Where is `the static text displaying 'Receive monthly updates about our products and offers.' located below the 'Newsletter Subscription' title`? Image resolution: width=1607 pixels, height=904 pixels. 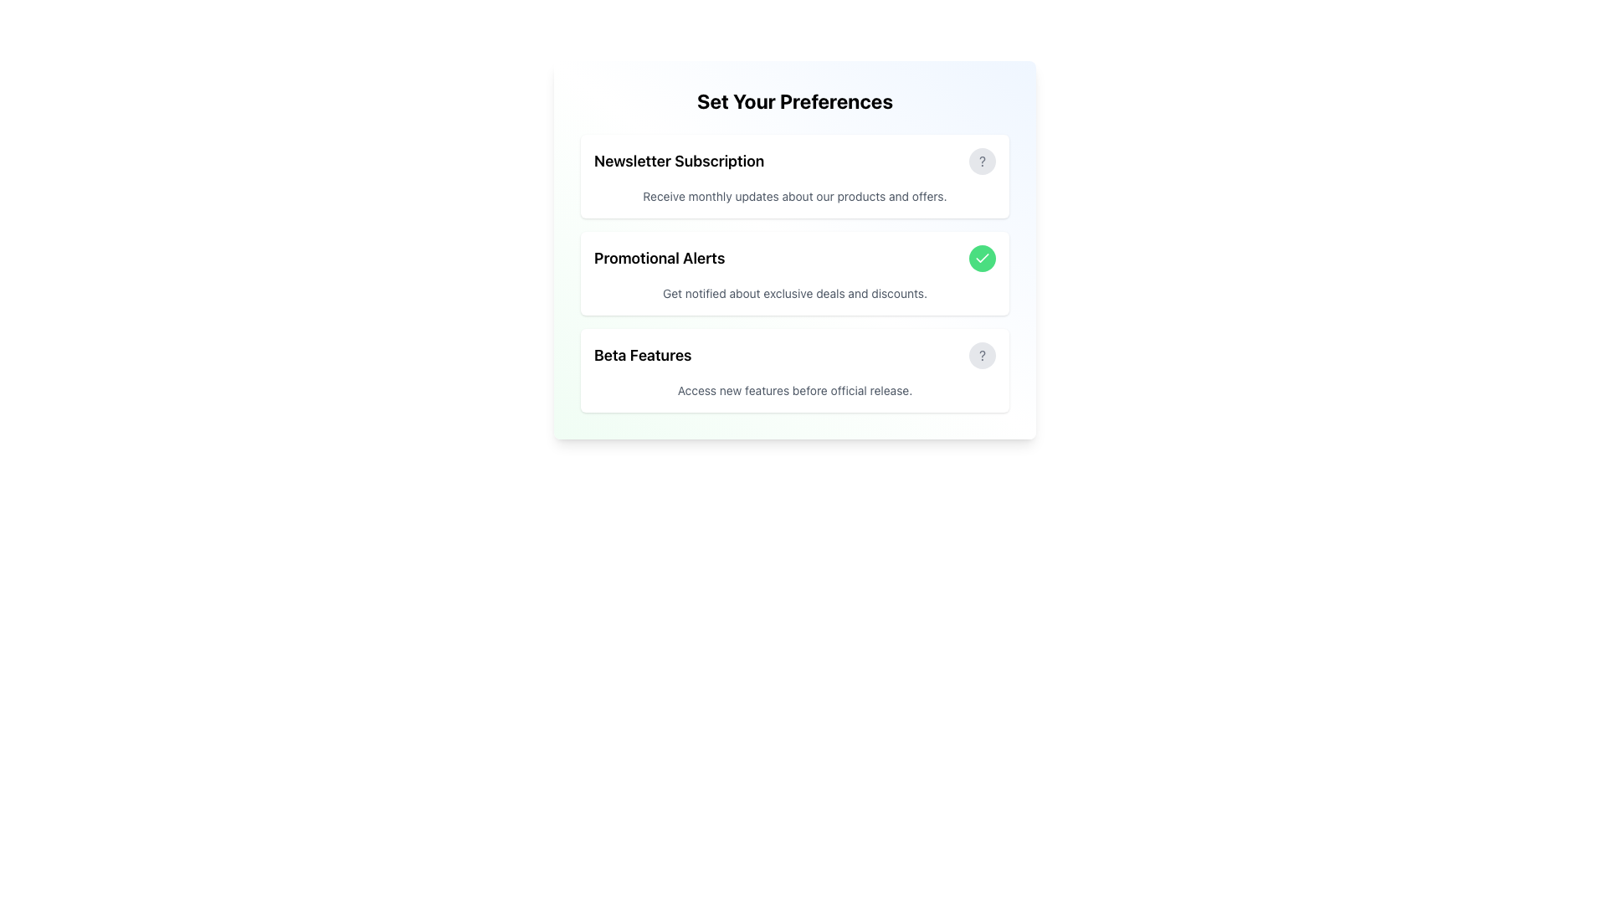 the static text displaying 'Receive monthly updates about our products and offers.' located below the 'Newsletter Subscription' title is located at coordinates (794, 196).